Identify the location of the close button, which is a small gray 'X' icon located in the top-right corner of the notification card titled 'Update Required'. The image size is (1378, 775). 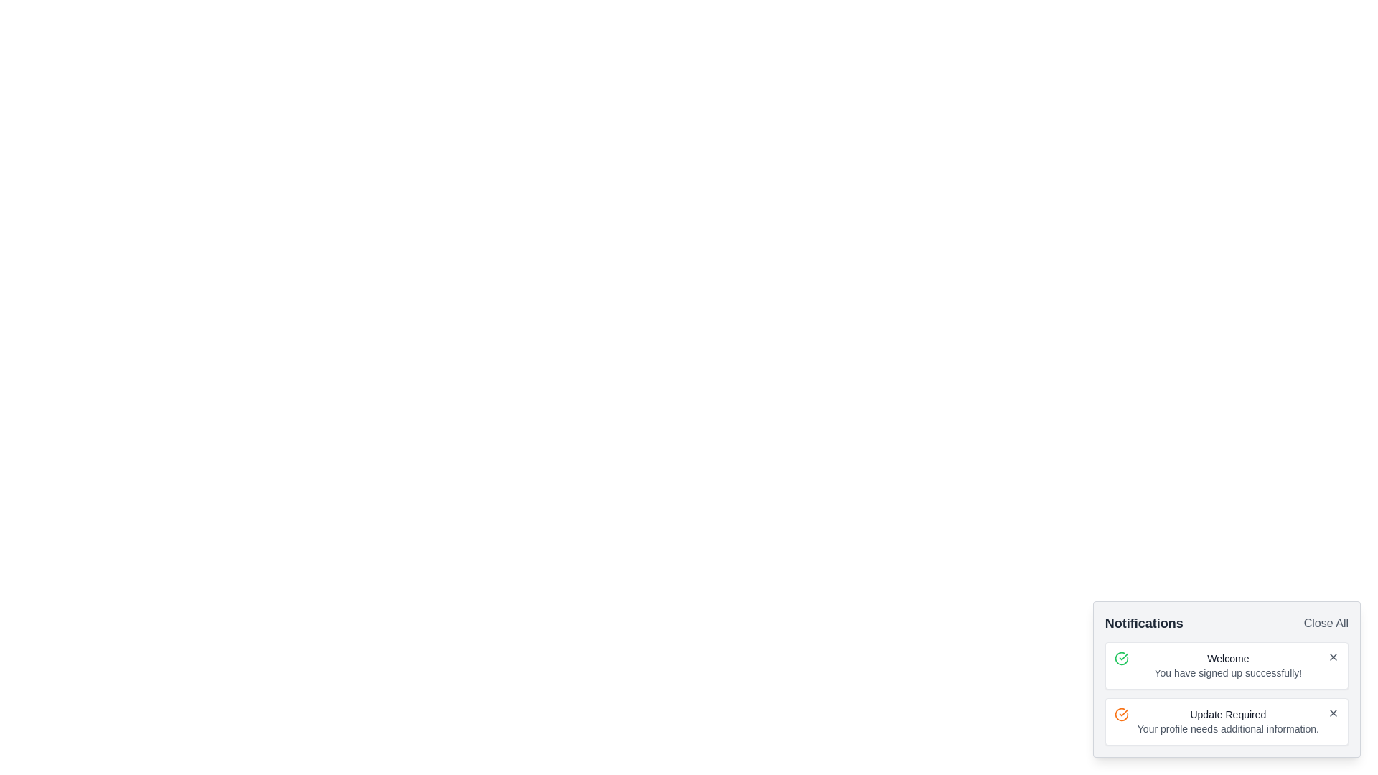
(1332, 713).